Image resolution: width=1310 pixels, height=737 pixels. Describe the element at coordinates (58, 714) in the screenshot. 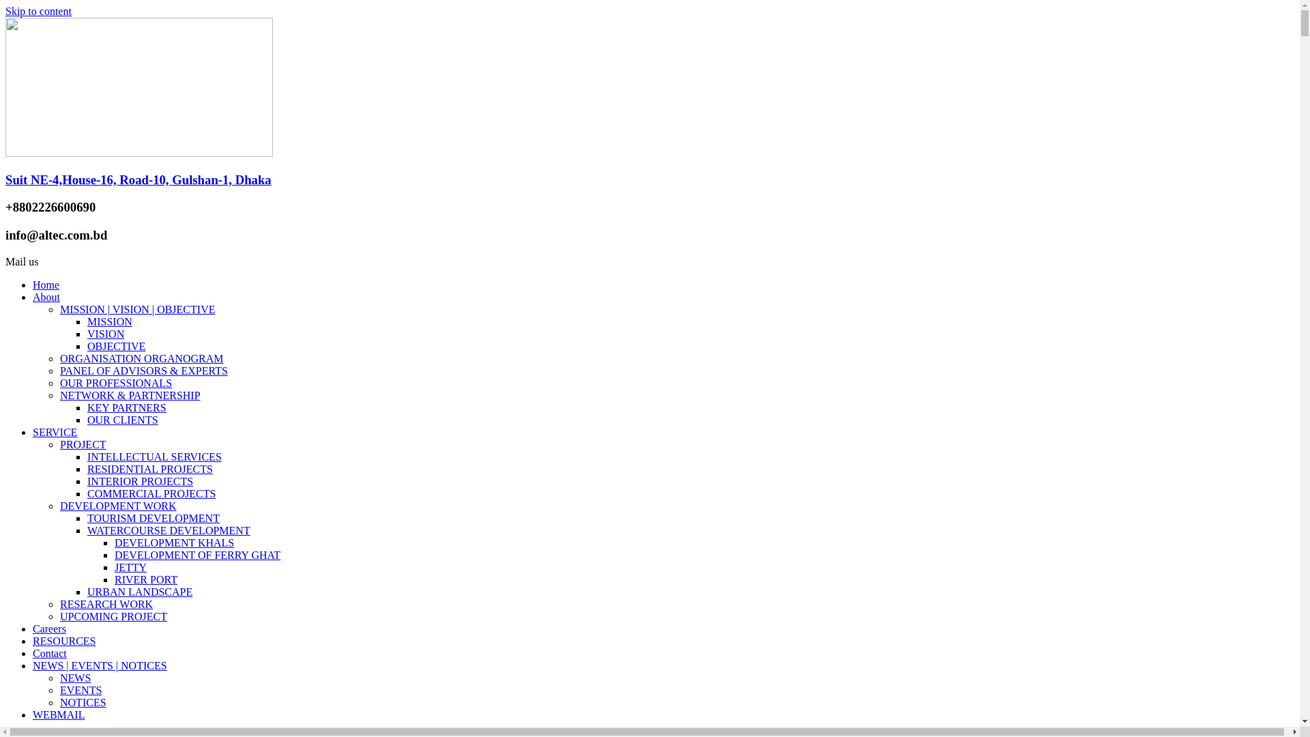

I see `'WEBMAIL'` at that location.